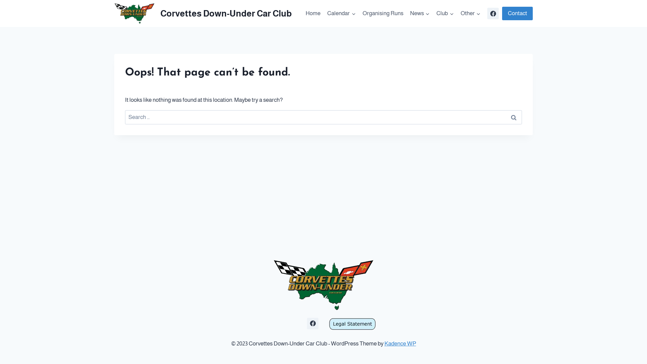 This screenshot has height=364, width=647. What do you see at coordinates (341, 13) in the screenshot?
I see `'Calendar'` at bounding box center [341, 13].